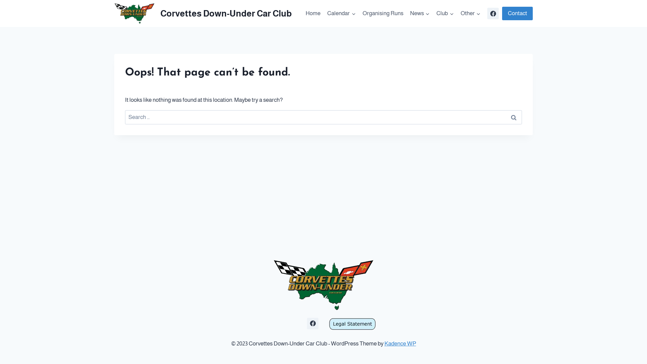 This screenshot has height=364, width=647. What do you see at coordinates (341, 13) in the screenshot?
I see `'Calendar'` at bounding box center [341, 13].